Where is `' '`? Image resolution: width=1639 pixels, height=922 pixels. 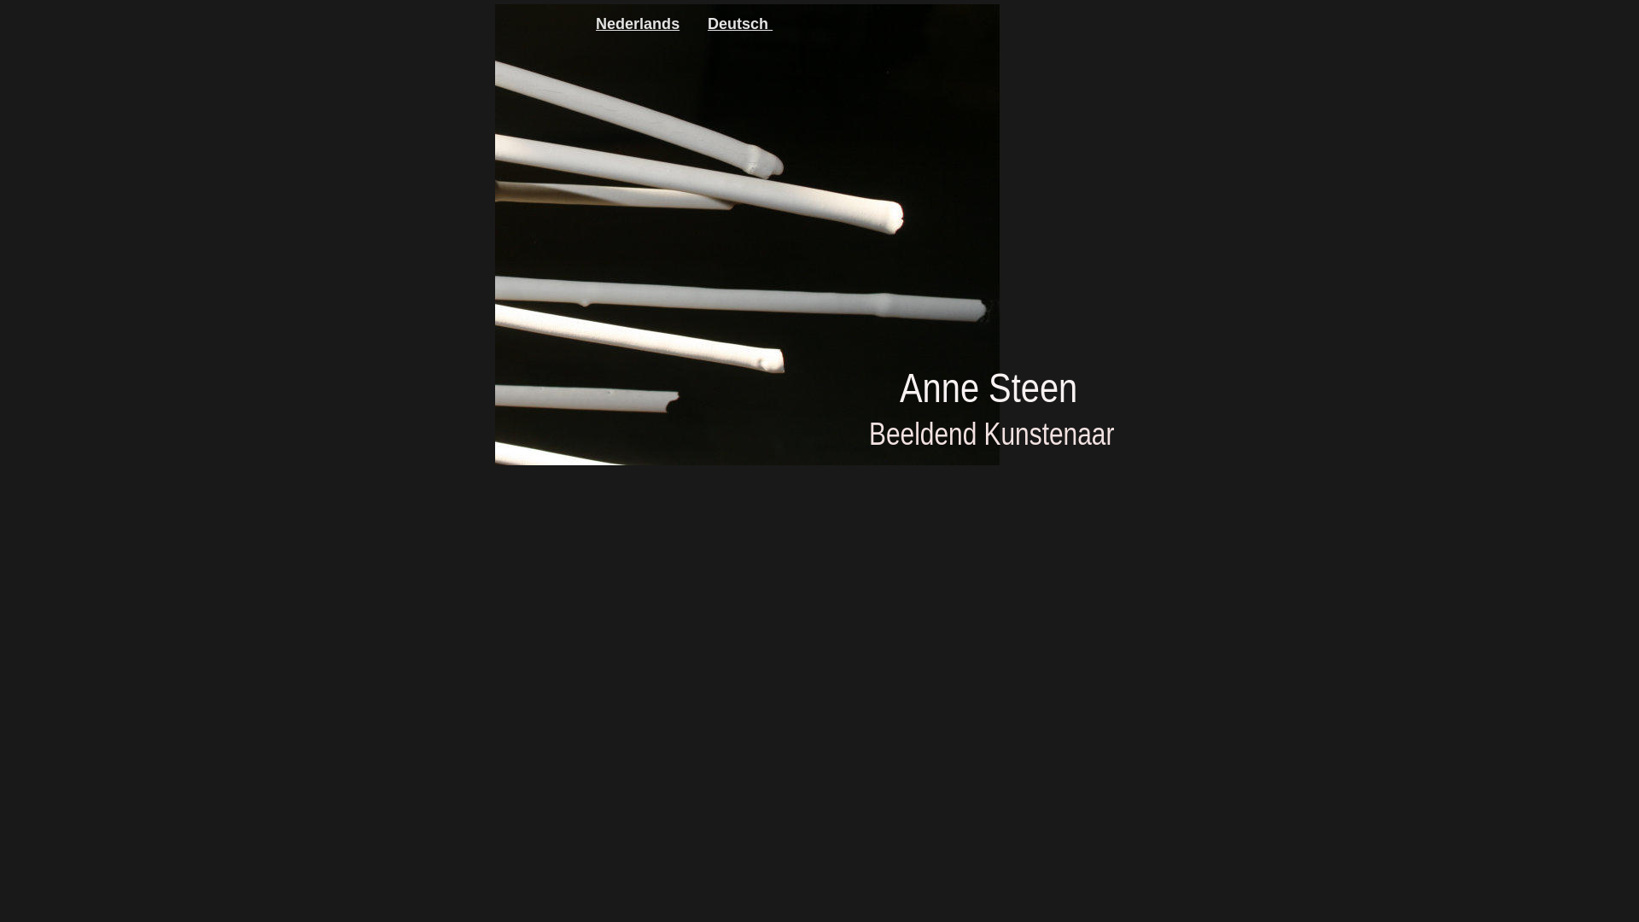 ' ' is located at coordinates (769, 23).